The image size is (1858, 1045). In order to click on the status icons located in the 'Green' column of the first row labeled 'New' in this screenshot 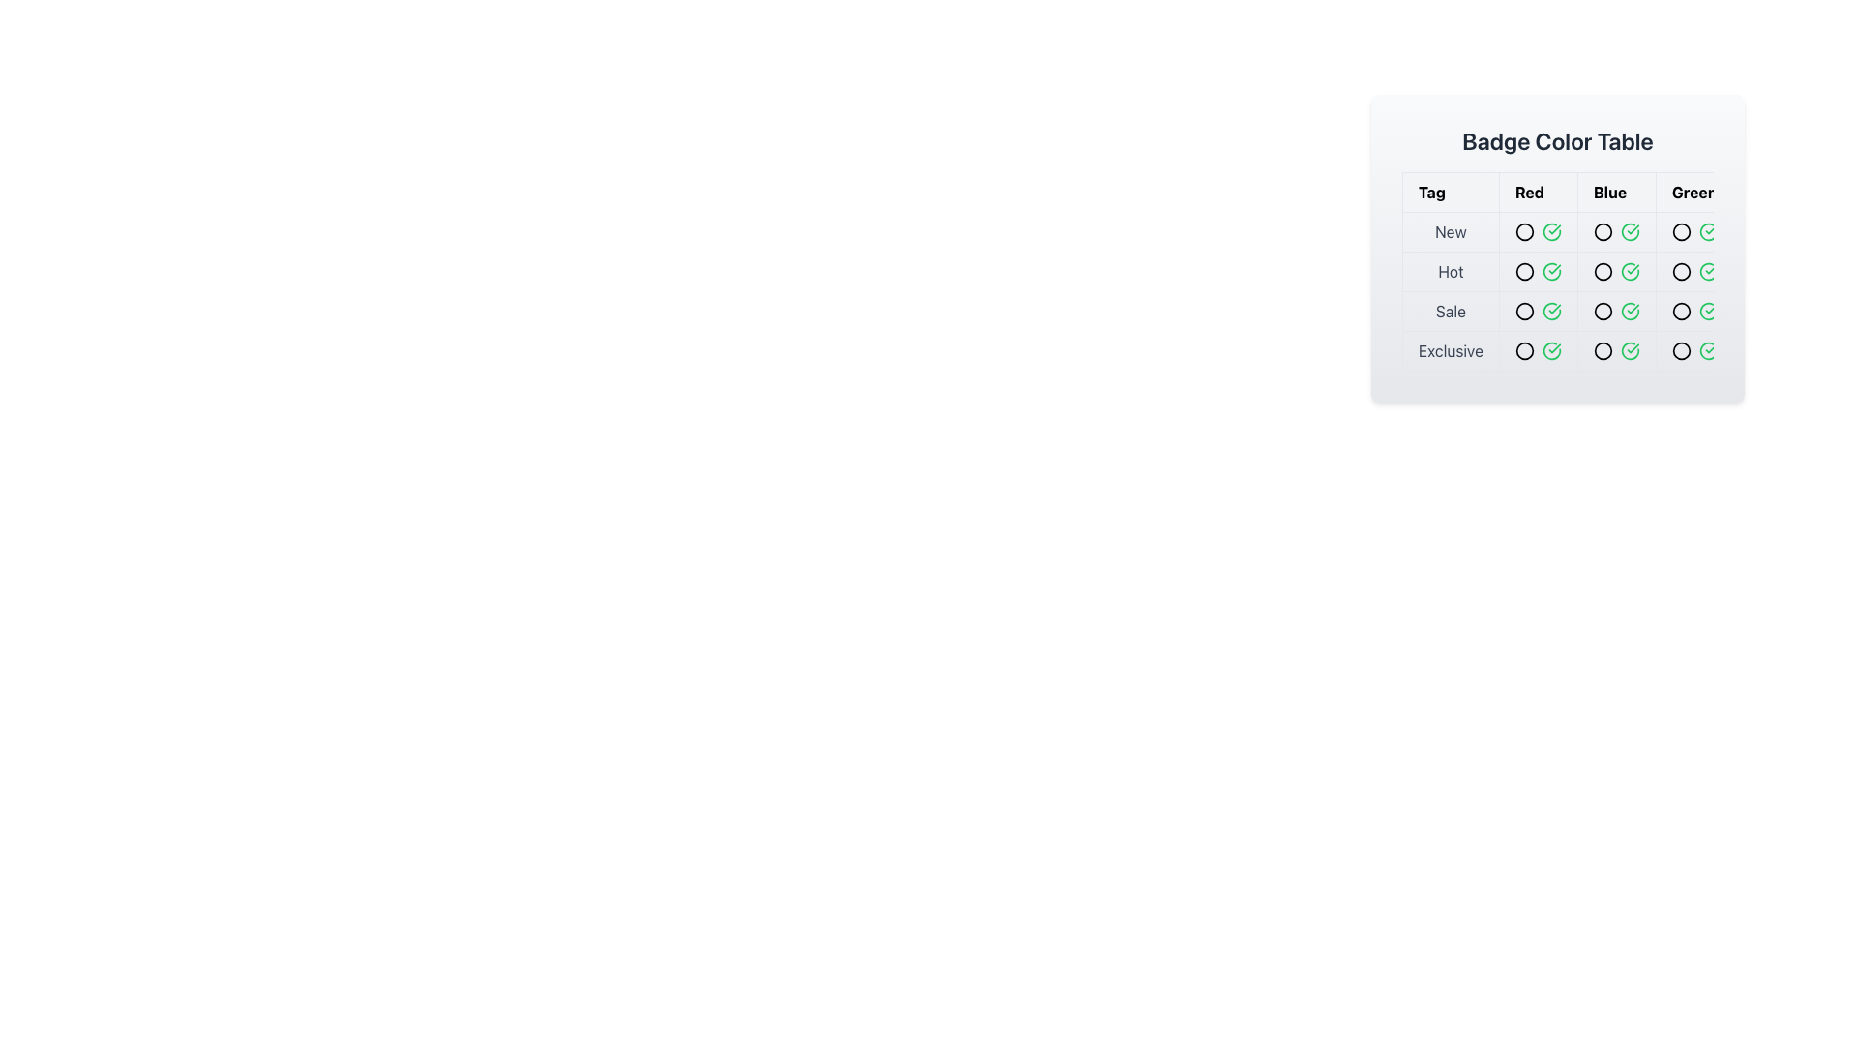, I will do `click(1693, 230)`.